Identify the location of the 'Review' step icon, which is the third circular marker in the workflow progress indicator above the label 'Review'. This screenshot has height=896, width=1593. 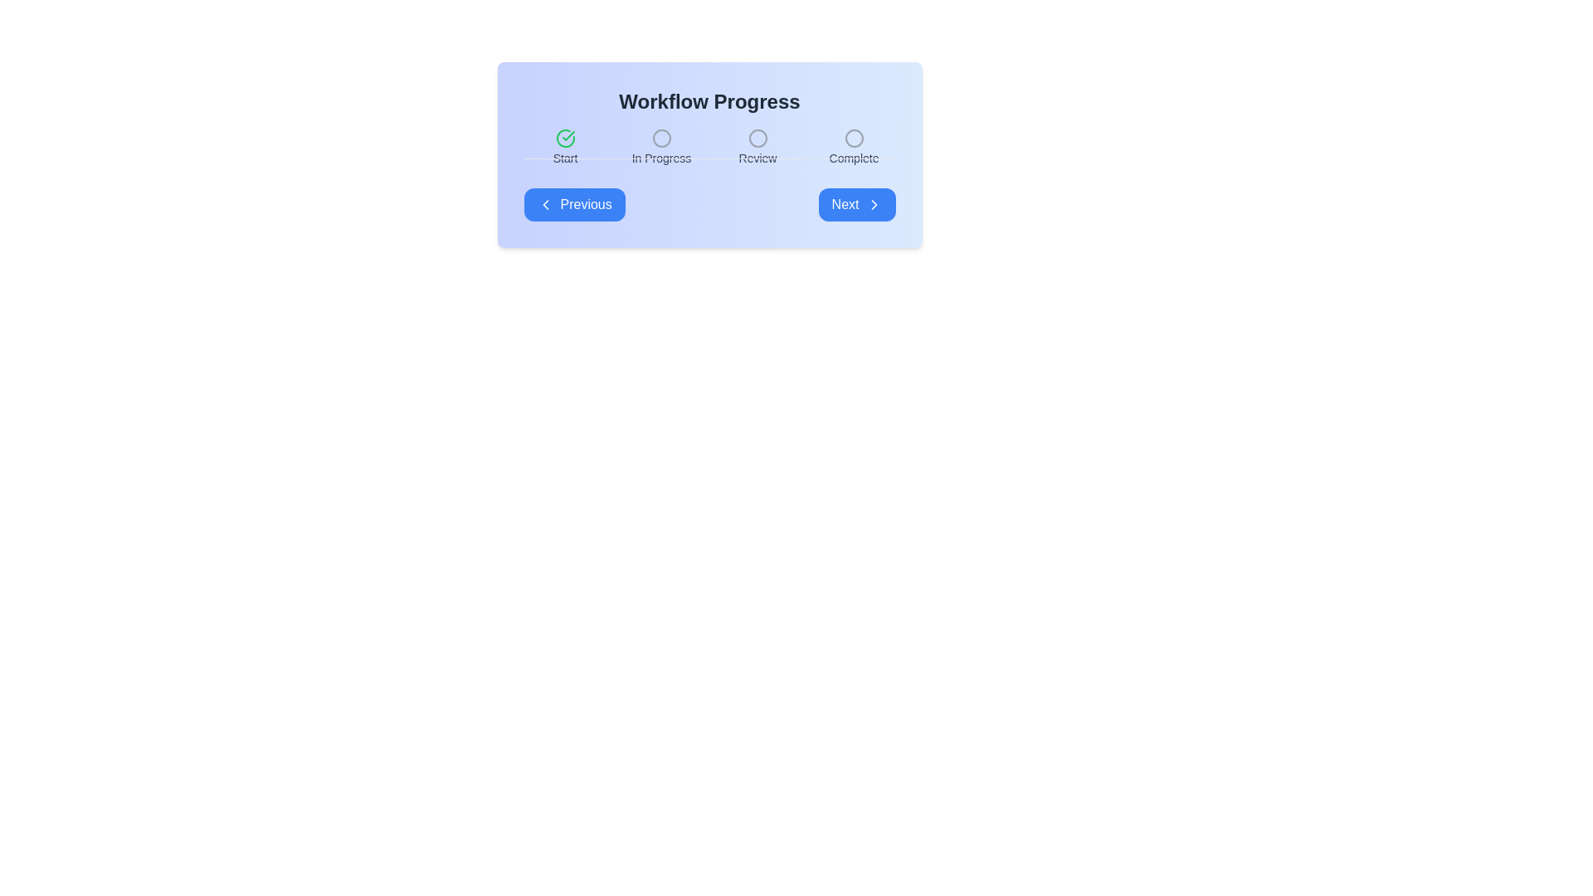
(757, 137).